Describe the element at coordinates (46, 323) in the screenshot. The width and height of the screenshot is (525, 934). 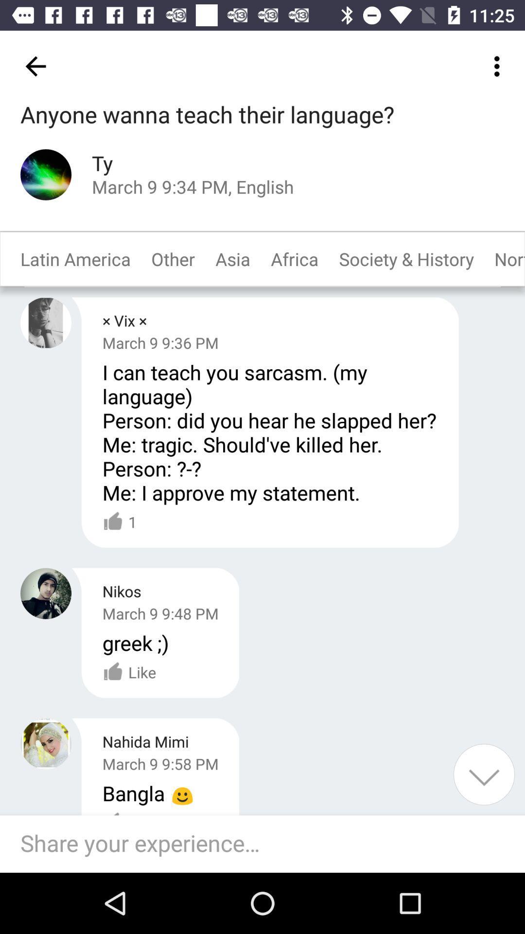
I see `my profile` at that location.